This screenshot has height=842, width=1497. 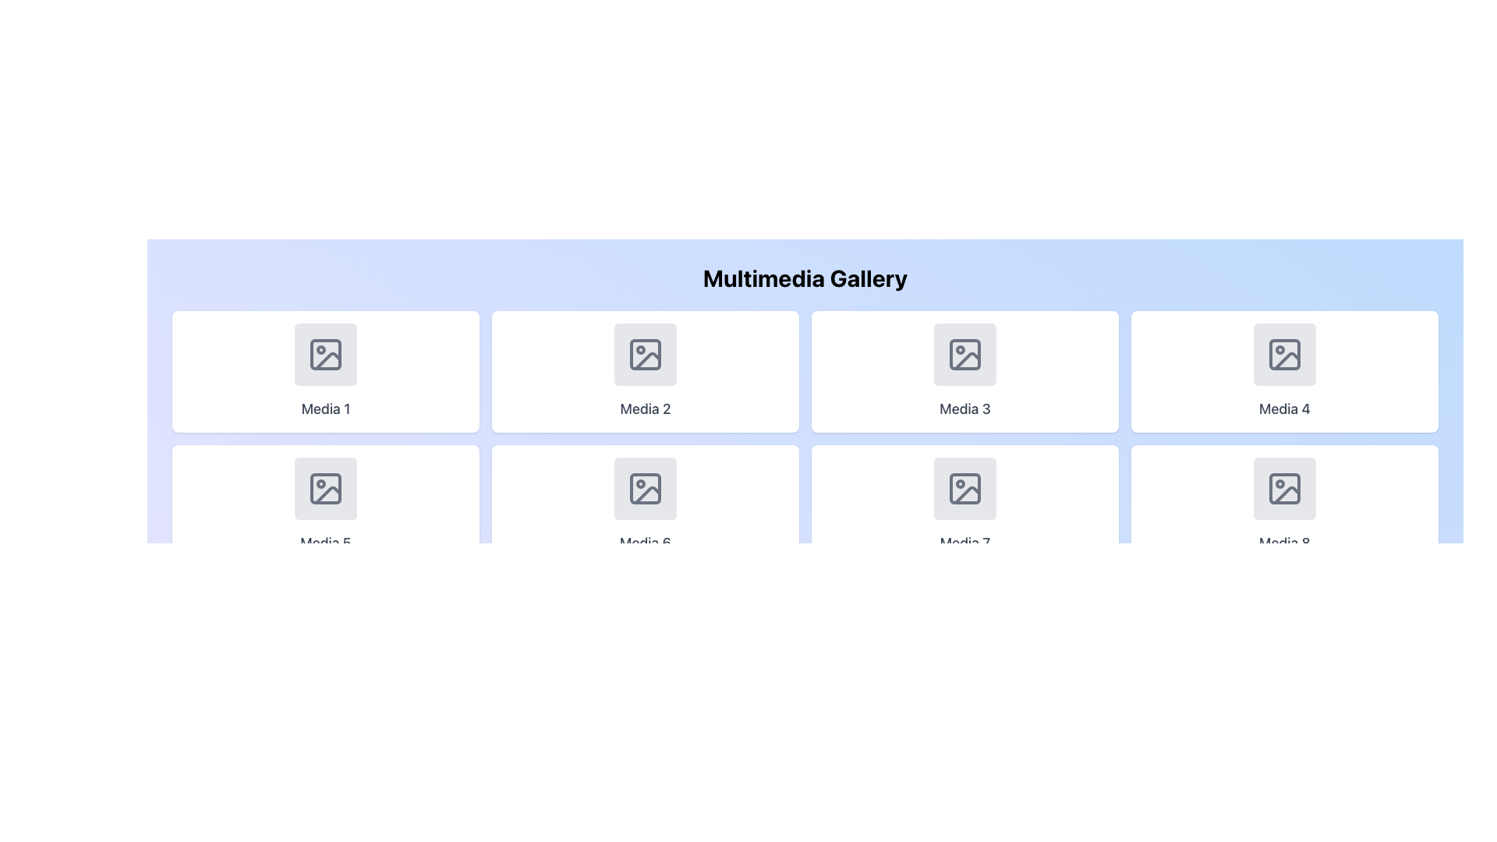 I want to click on text from the textual label 'Media 3' located in the top row of a grid layout, specifically the third card from the left, which is styled in a larger font size and gray color, so click(x=964, y=408).